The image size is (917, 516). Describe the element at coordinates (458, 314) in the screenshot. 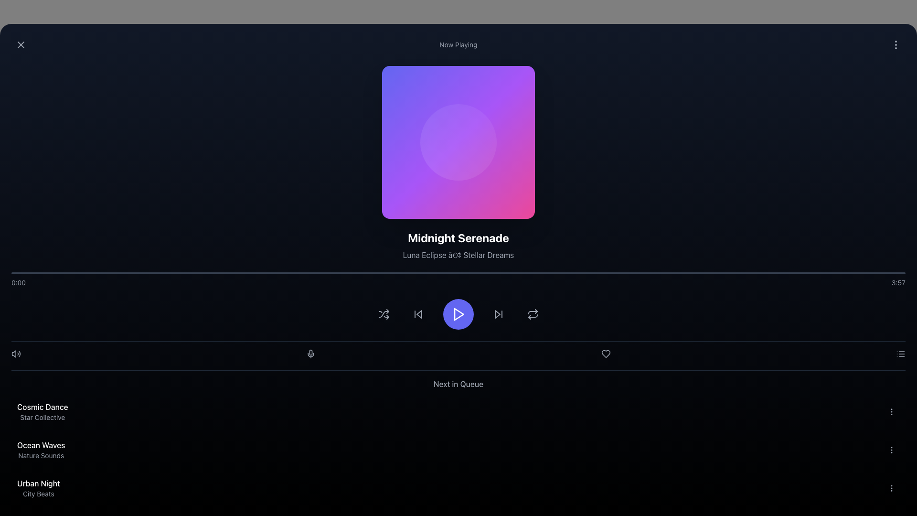

I see `the central button in the playback control bar of the music player interface to initiate playback or pause the currently selected track` at that location.